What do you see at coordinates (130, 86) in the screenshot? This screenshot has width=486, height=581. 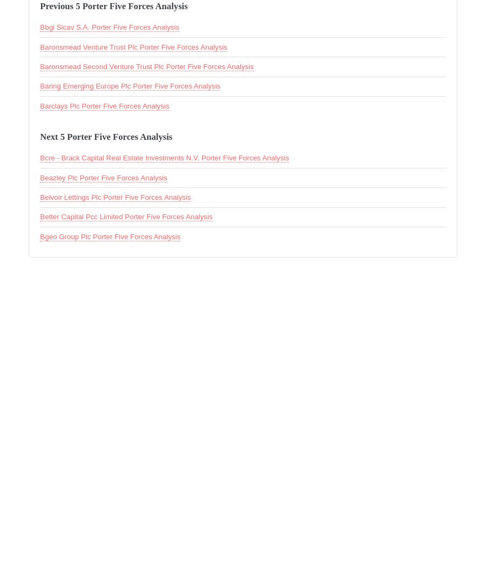 I see `'Baring Emerging Europe Plc Porter Five Forces Analysis'` at bounding box center [130, 86].